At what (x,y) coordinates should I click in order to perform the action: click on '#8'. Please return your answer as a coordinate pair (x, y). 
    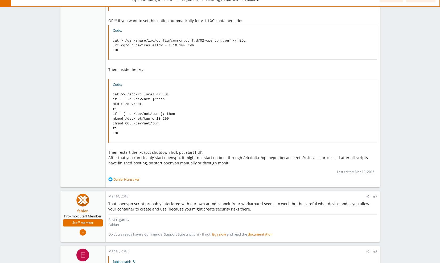
    Looking at the image, I should click on (375, 251).